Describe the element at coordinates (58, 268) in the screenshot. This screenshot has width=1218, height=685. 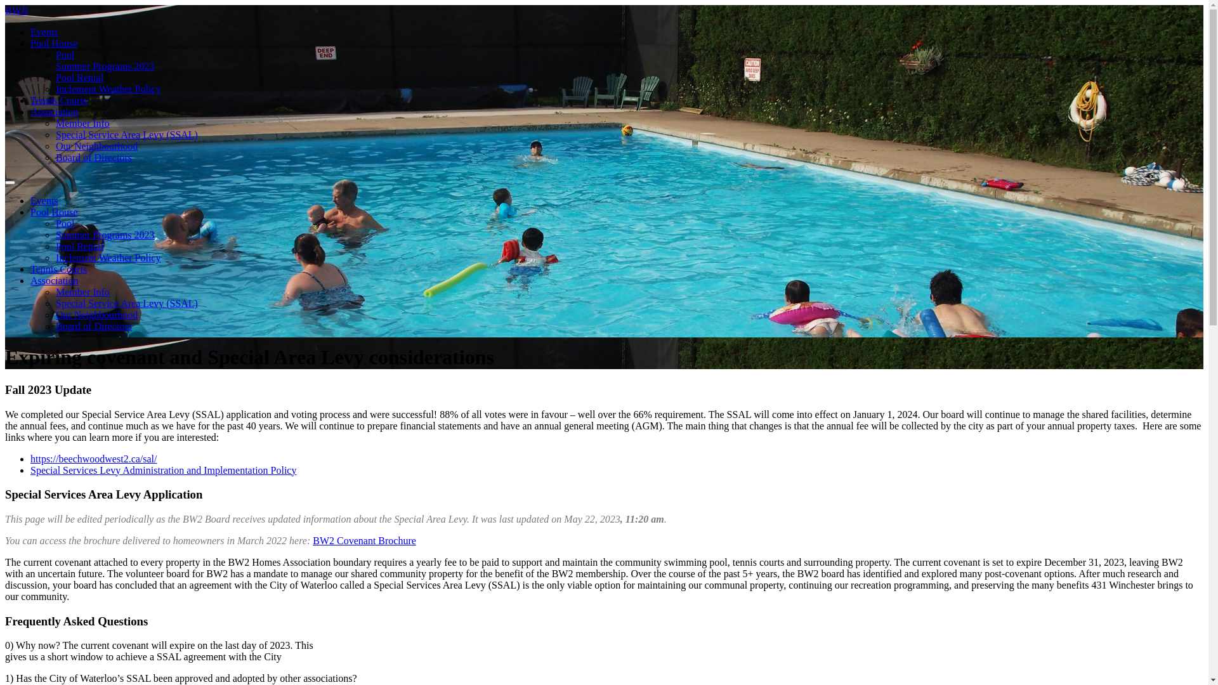
I see `'Tennis Courts'` at that location.